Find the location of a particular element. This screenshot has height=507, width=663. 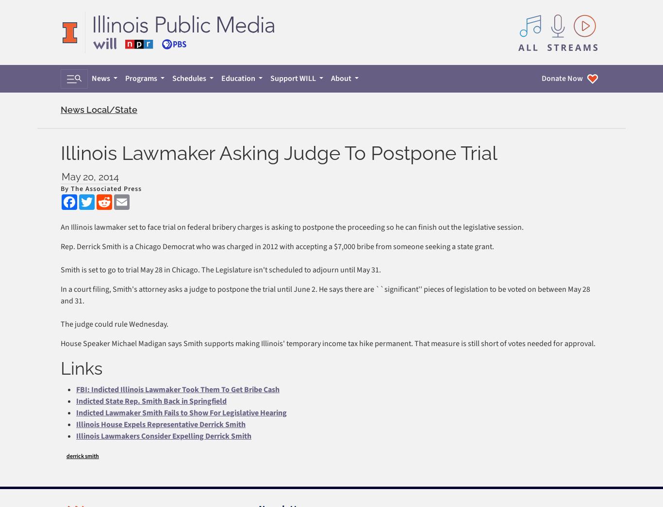

'Diversity, Equity, & Inclusion' is located at coordinates (309, 355).